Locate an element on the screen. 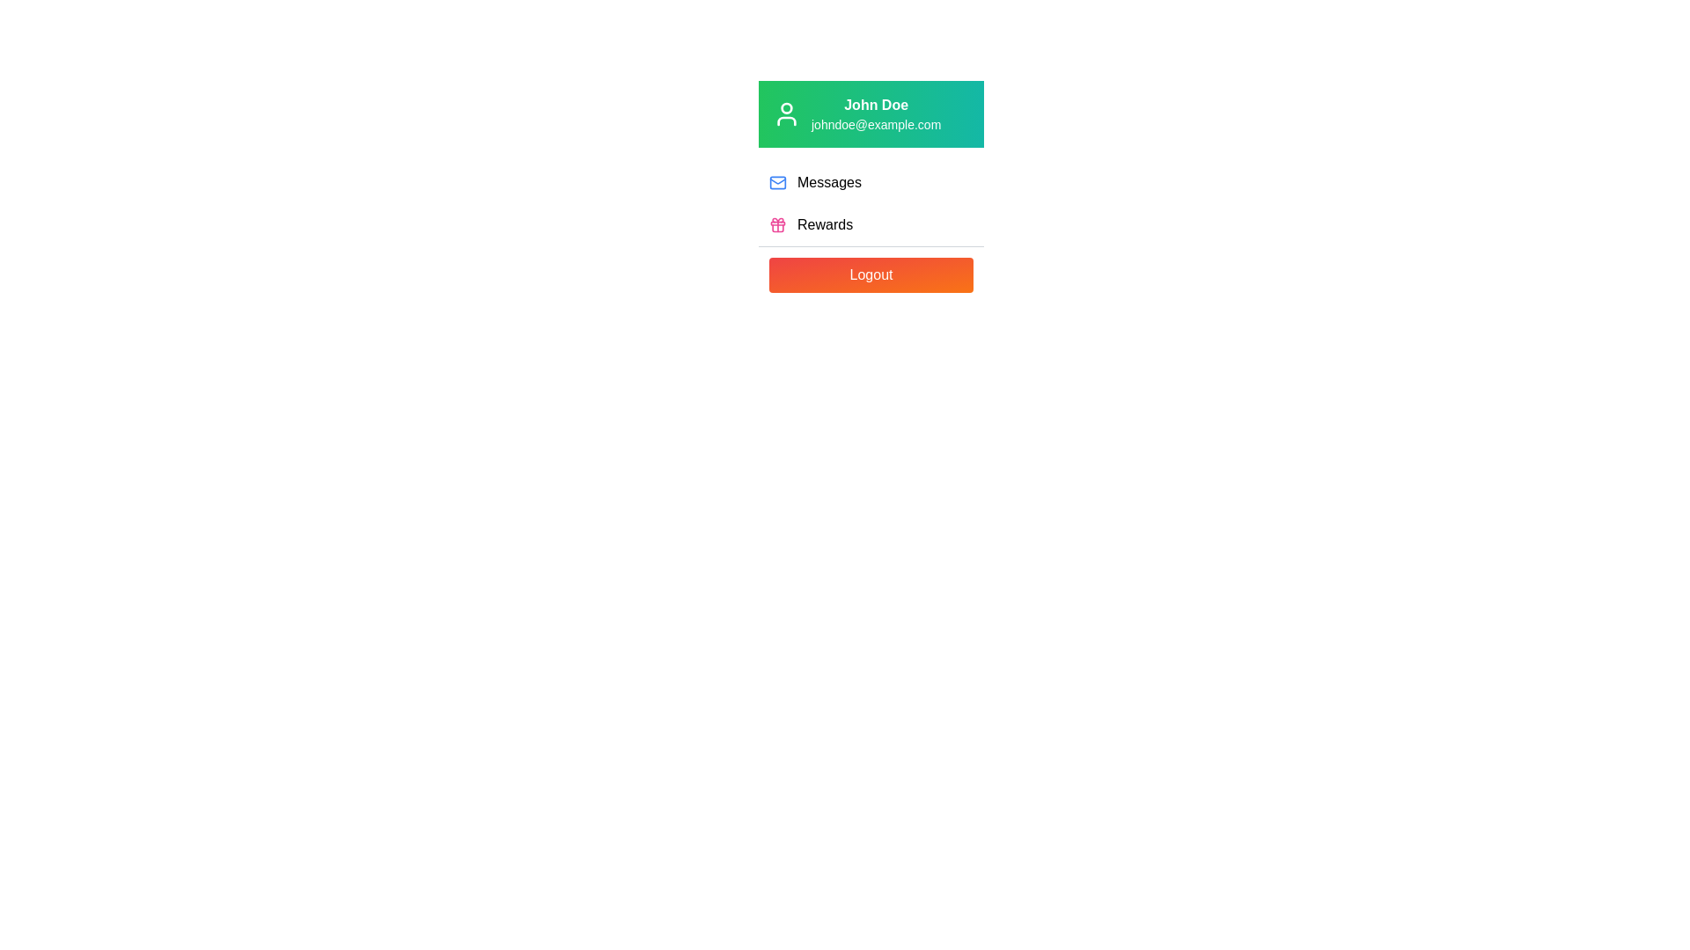  text label displaying 'John Doe' which is styled with a prominent green background and is located in the user profile section above the email address is located at coordinates (876, 105).